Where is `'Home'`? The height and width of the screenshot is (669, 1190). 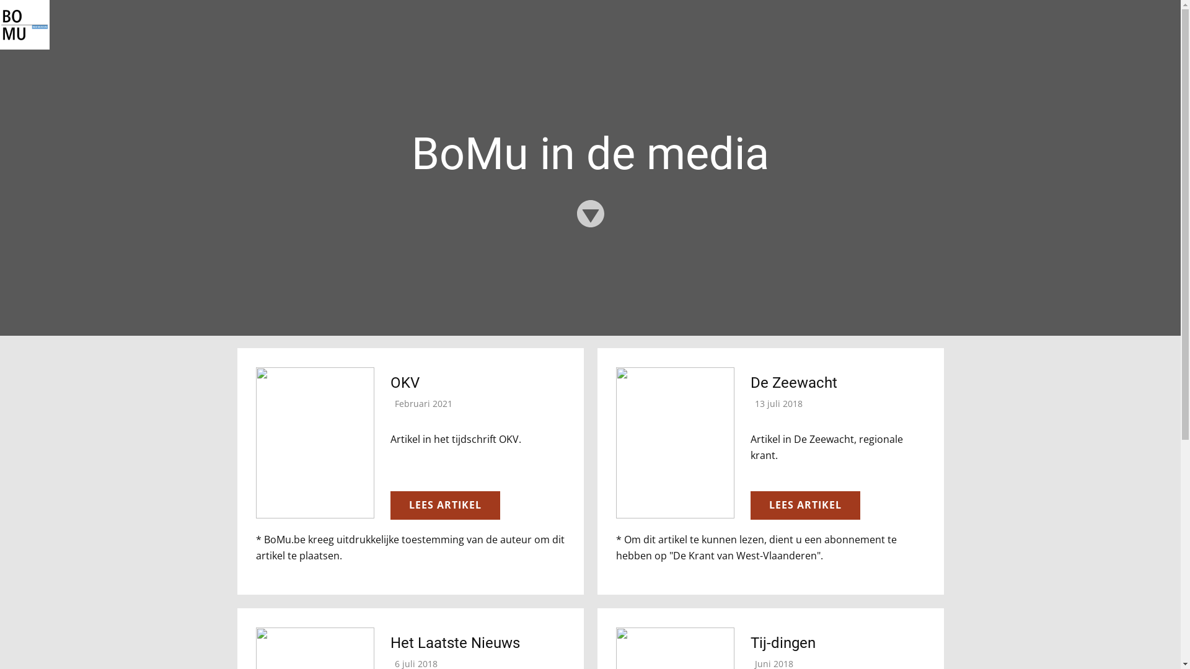 'Home' is located at coordinates (0, 24).